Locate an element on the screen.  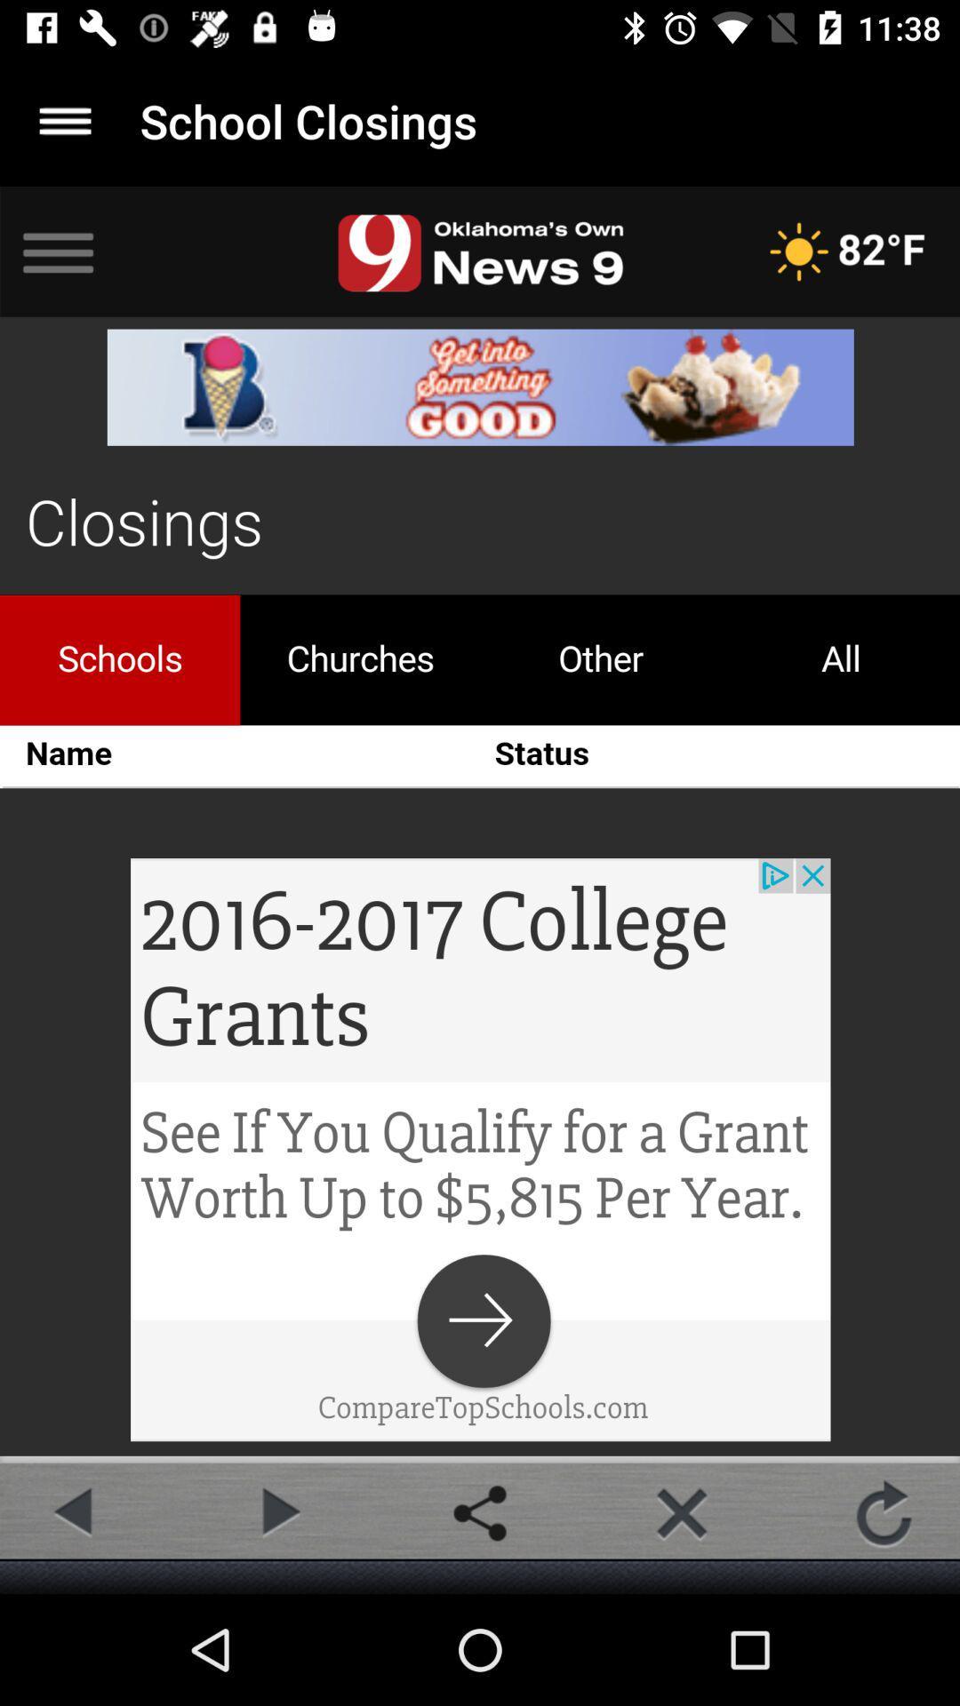
the page option is located at coordinates (681, 1512).